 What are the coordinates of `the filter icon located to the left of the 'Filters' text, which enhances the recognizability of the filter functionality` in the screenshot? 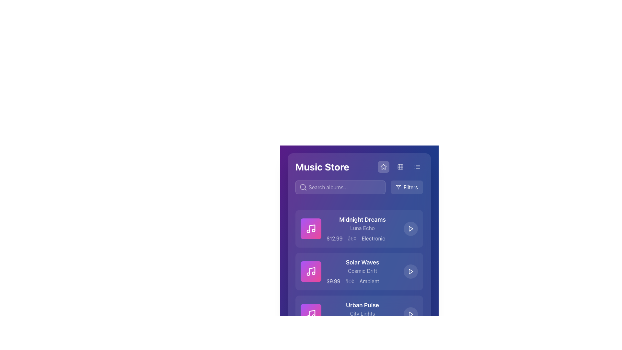 It's located at (398, 187).